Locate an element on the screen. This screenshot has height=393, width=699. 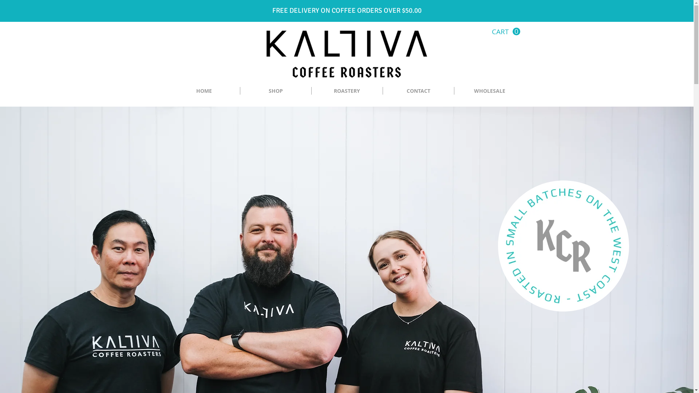
'WHOLESALE' is located at coordinates (490, 90).